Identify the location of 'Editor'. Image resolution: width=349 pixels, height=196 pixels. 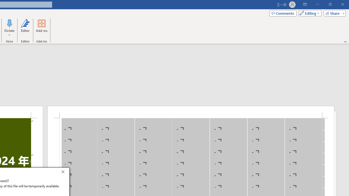
(25, 28).